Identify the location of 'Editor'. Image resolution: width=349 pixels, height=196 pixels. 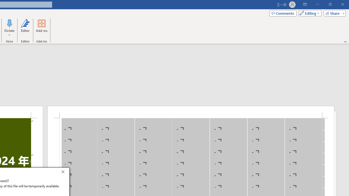
(25, 28).